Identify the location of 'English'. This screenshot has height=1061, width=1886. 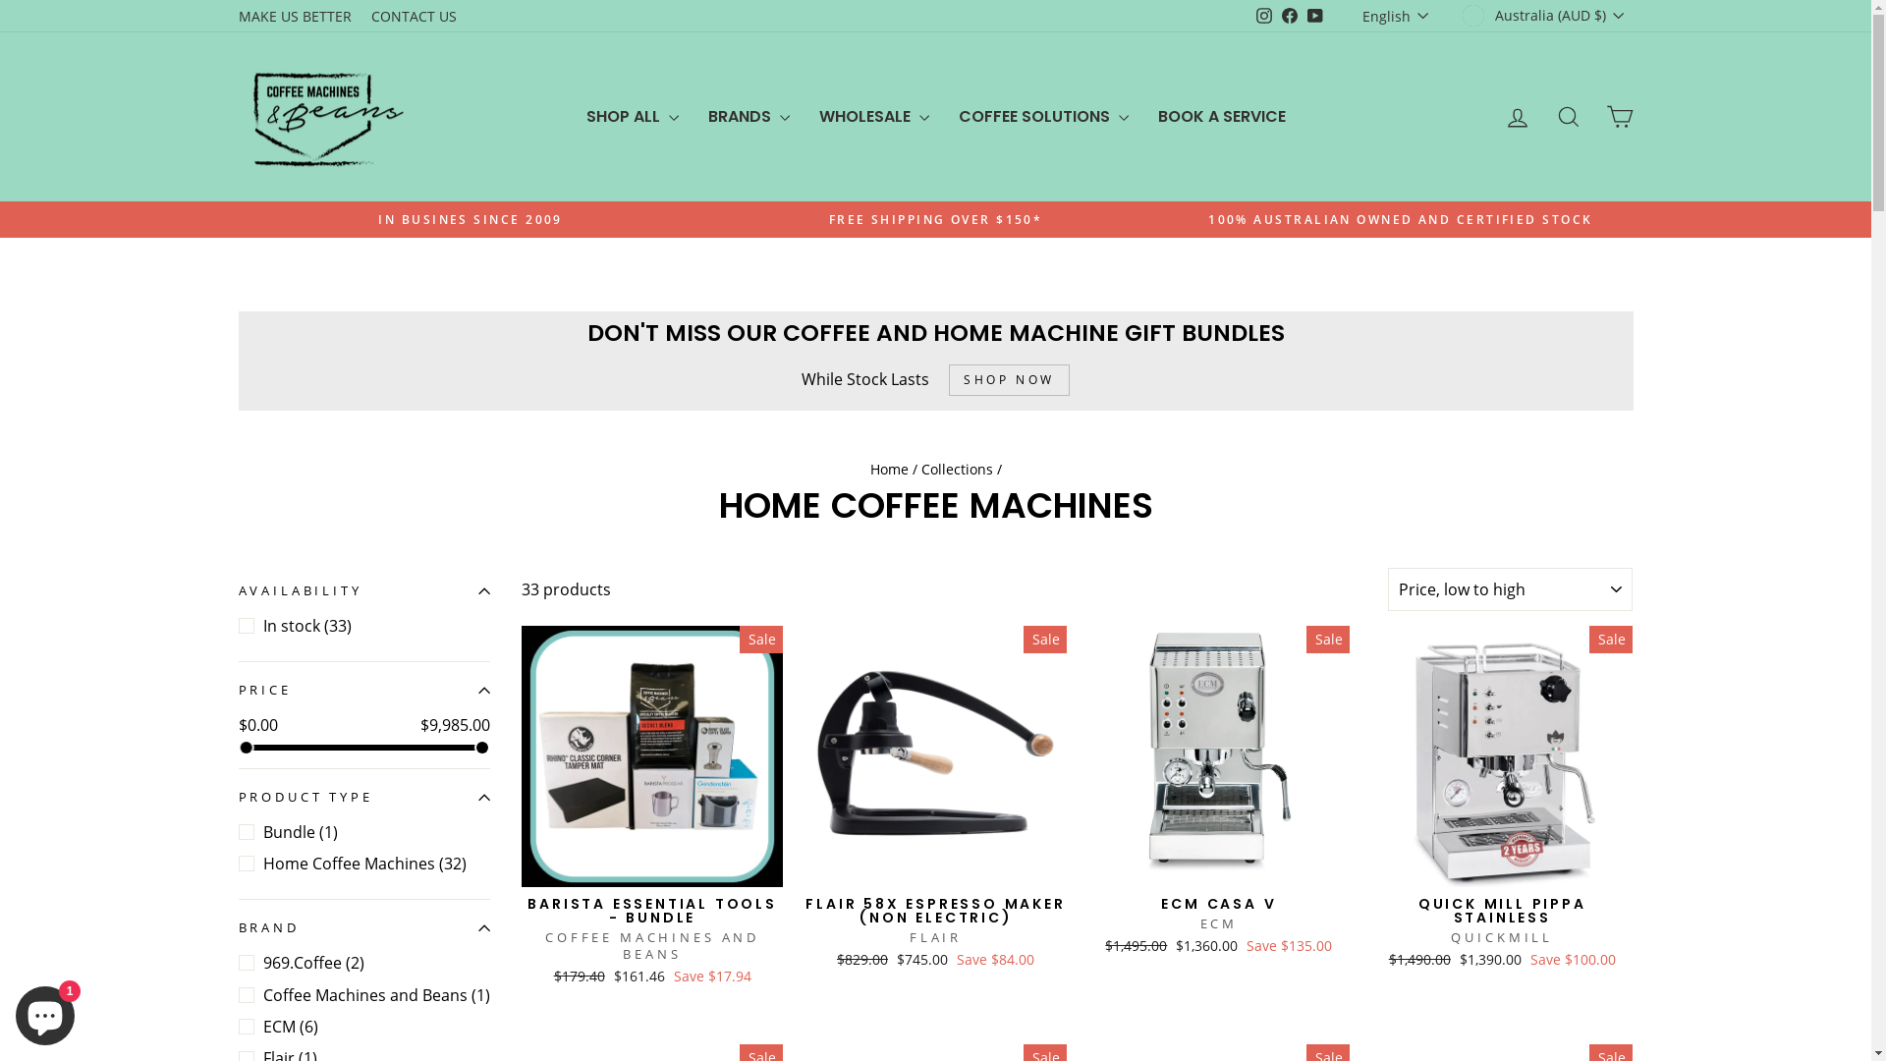
(1357, 16).